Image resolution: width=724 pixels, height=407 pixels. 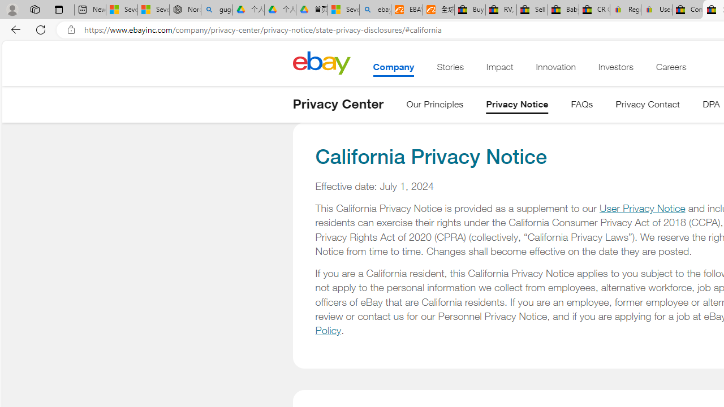 I want to click on 'Privacy Notice', so click(x=516, y=106).